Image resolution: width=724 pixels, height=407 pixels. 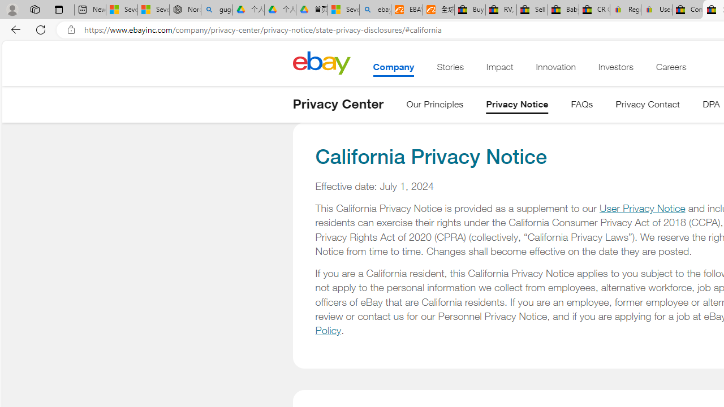 I want to click on 'Privacy Notice', so click(x=516, y=106).